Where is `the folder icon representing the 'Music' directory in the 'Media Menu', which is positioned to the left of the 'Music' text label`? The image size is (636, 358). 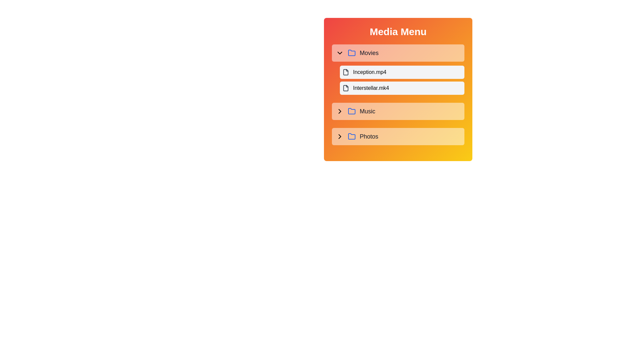
the folder icon representing the 'Music' directory in the 'Media Menu', which is positioned to the left of the 'Music' text label is located at coordinates (351, 111).